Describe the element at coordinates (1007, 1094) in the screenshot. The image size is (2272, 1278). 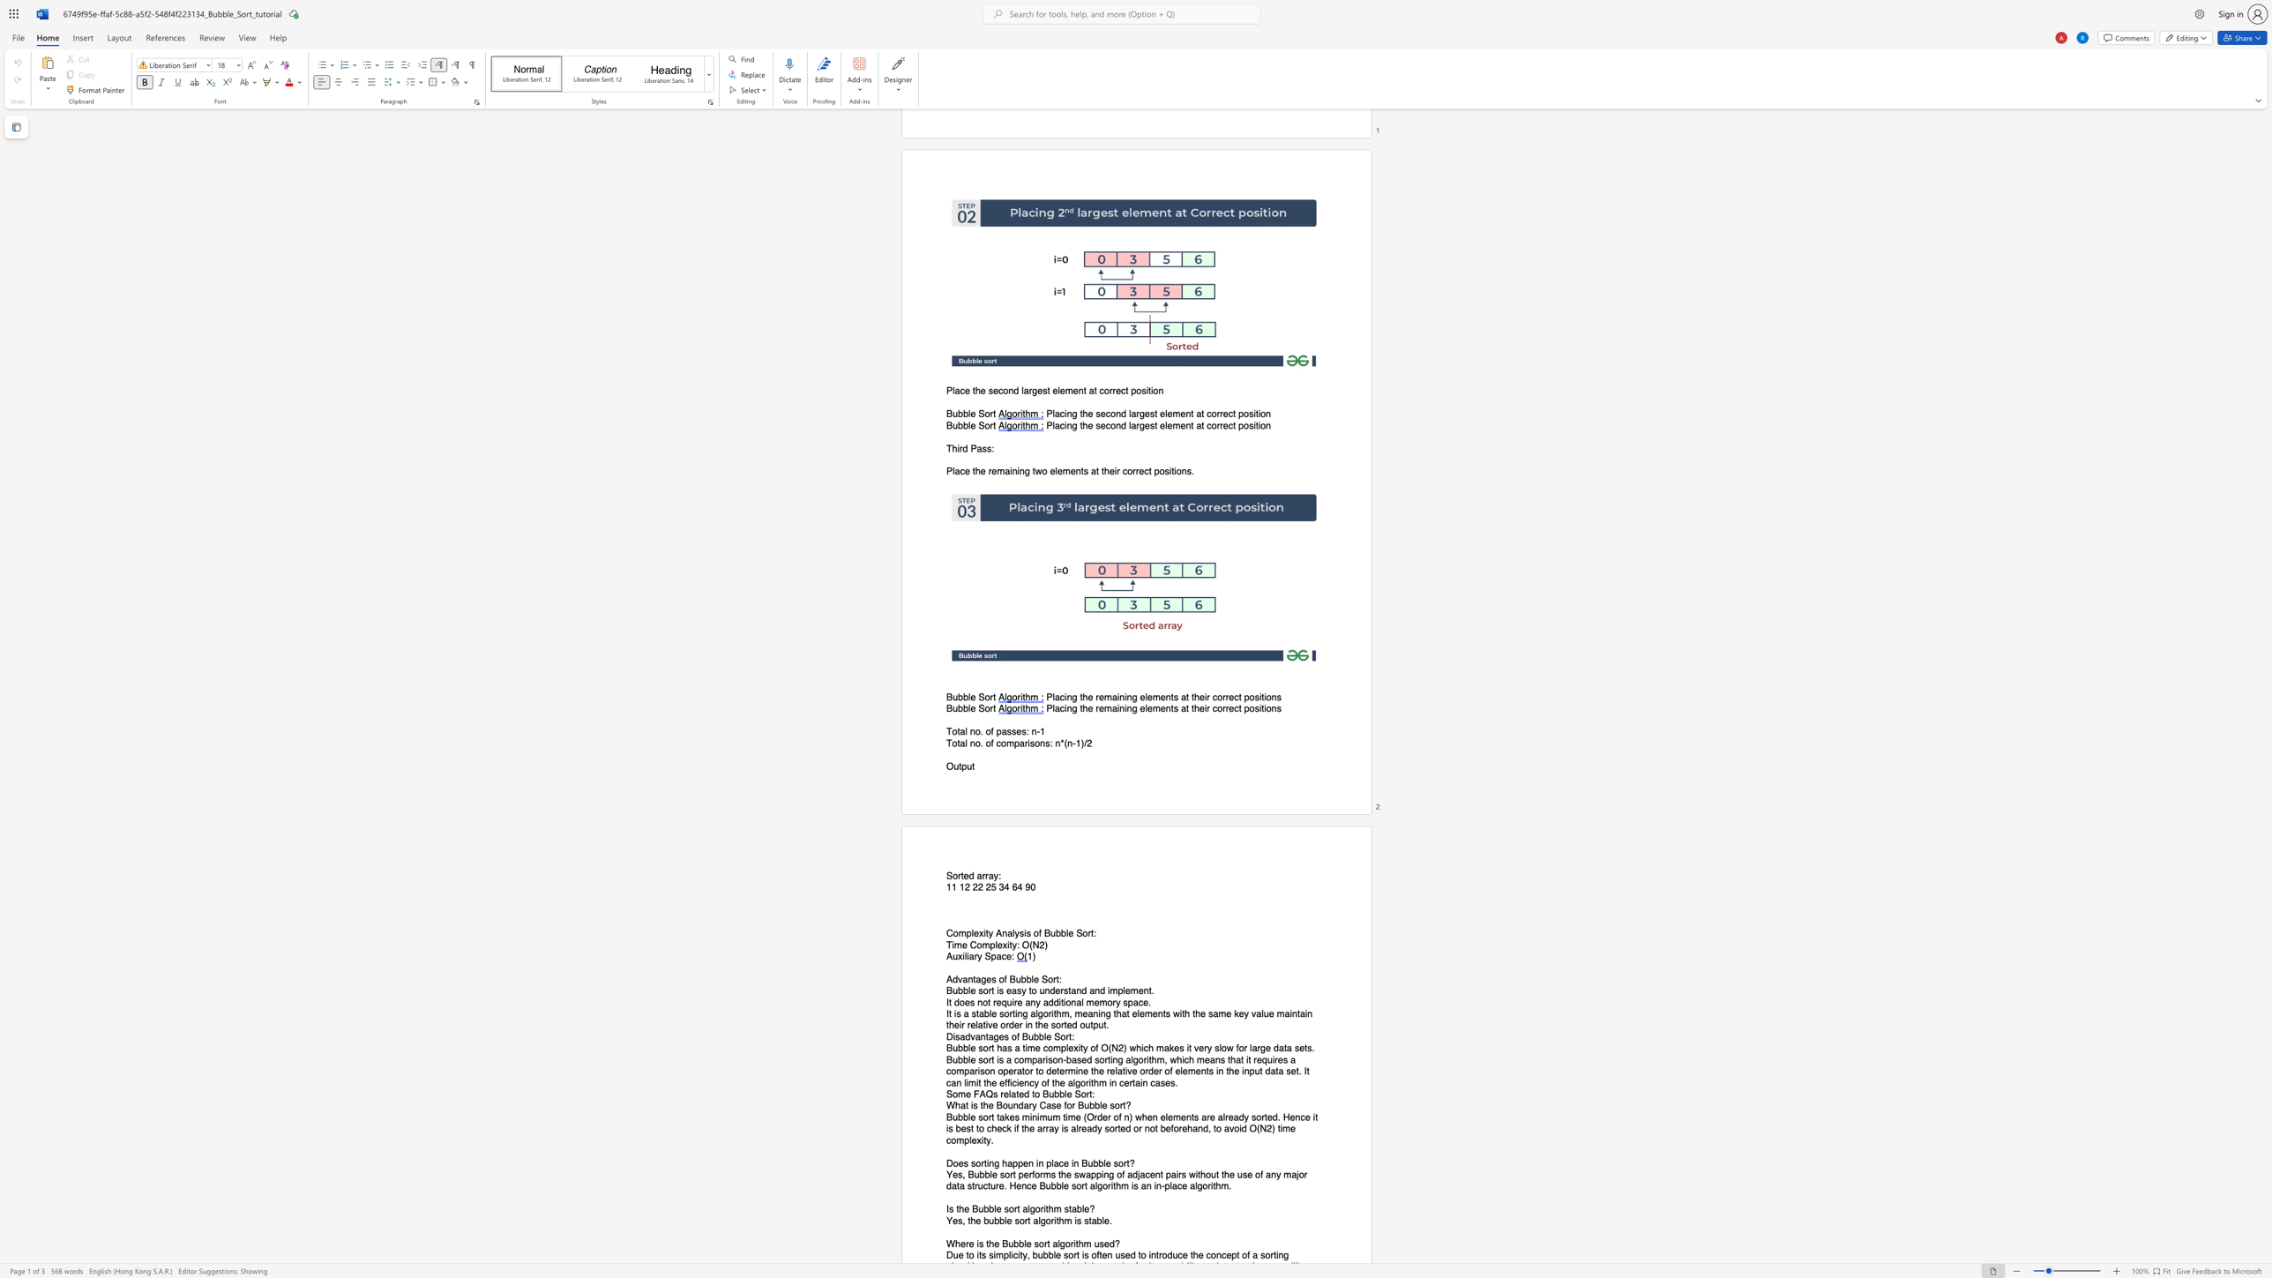
I see `the subset text "lated to Bubble So" within the text "Some FAQs related to Bubble Sort:"` at that location.